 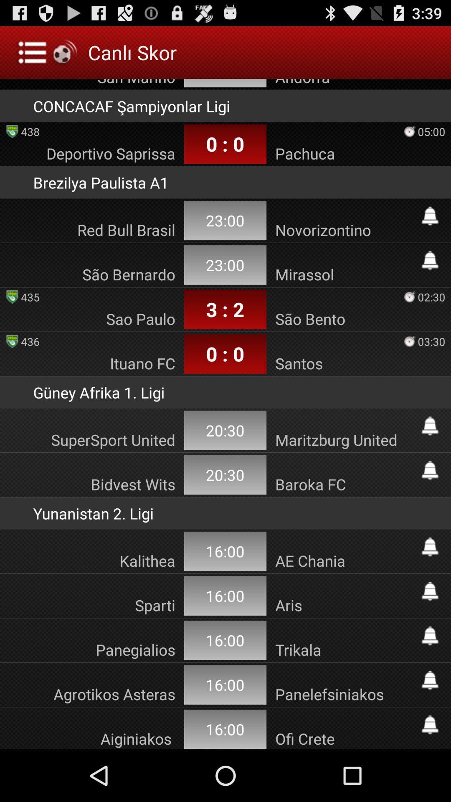 I want to click on set alert for game, so click(x=430, y=724).